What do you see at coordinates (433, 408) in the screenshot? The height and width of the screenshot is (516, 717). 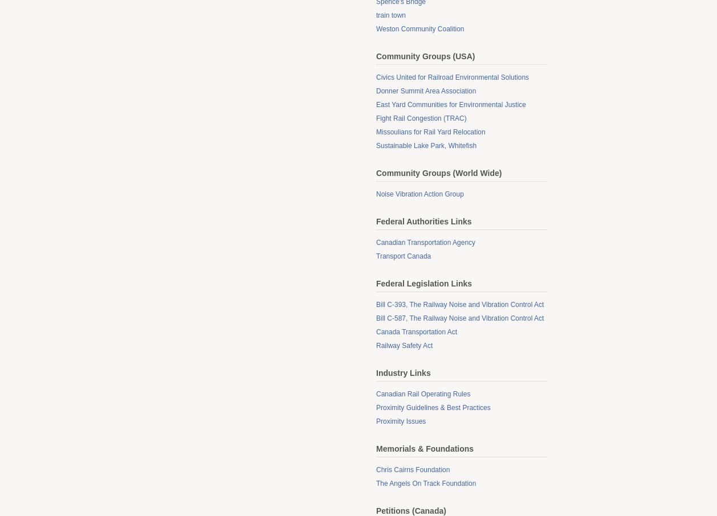 I see `'Proximity Guidelines & Best Practices'` at bounding box center [433, 408].